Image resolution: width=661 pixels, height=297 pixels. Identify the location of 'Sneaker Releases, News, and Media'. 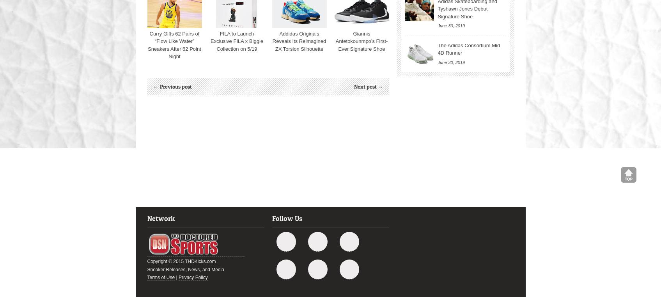
(146, 269).